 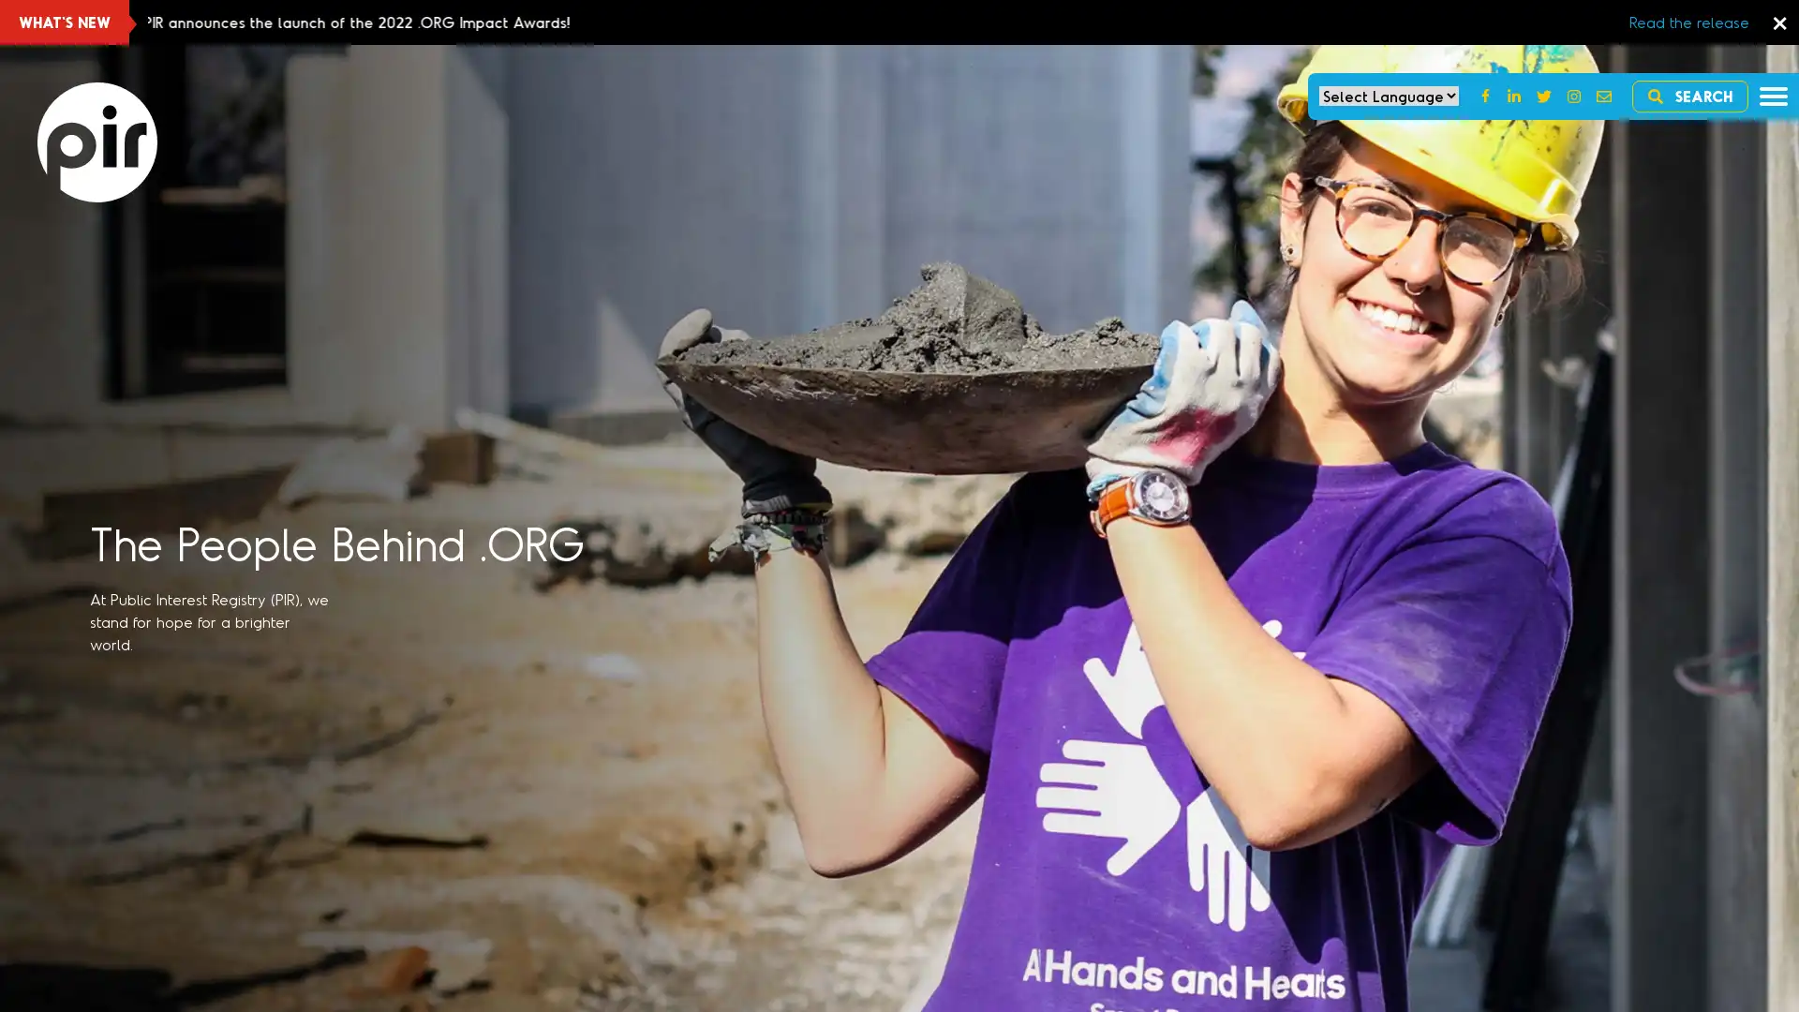 I want to click on Submit .ORG domain search, so click(x=698, y=645).